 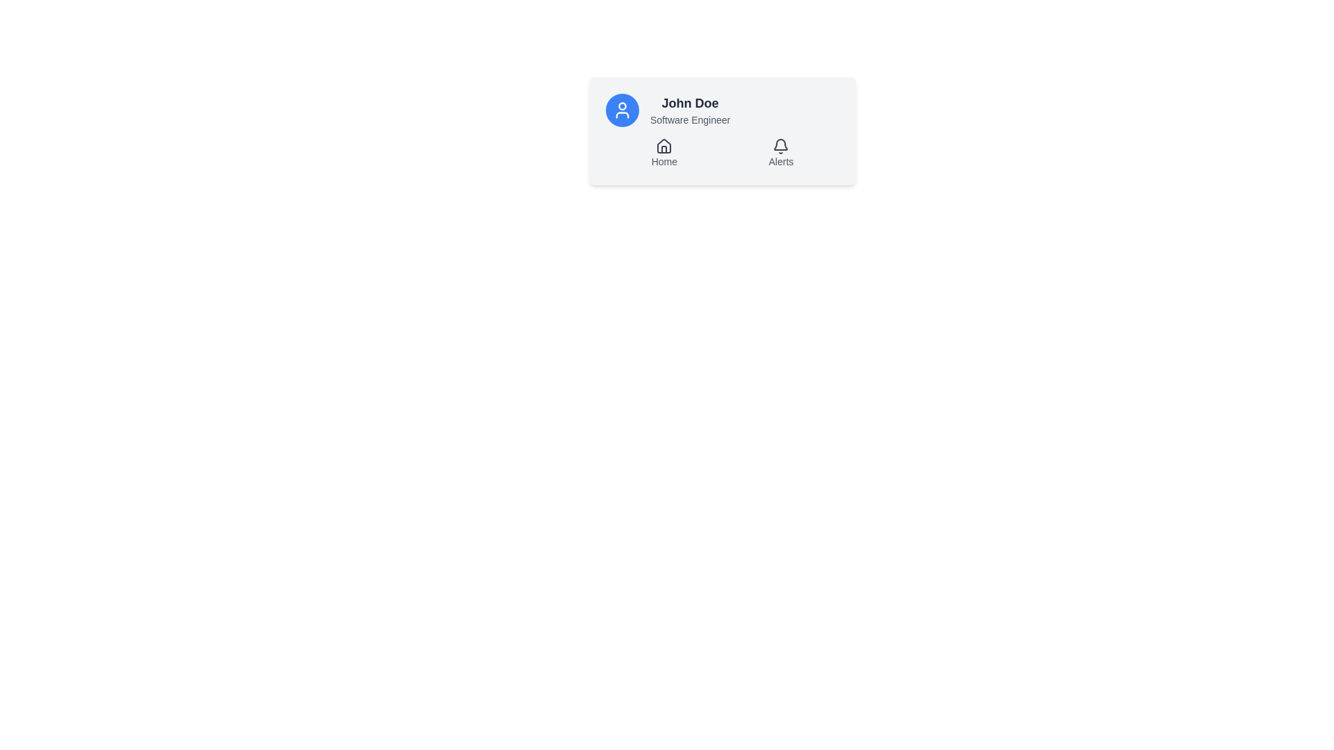 What do you see at coordinates (663, 145) in the screenshot?
I see `the 'Home' icon located at the leftmost position in the lower section of the profile card` at bounding box center [663, 145].